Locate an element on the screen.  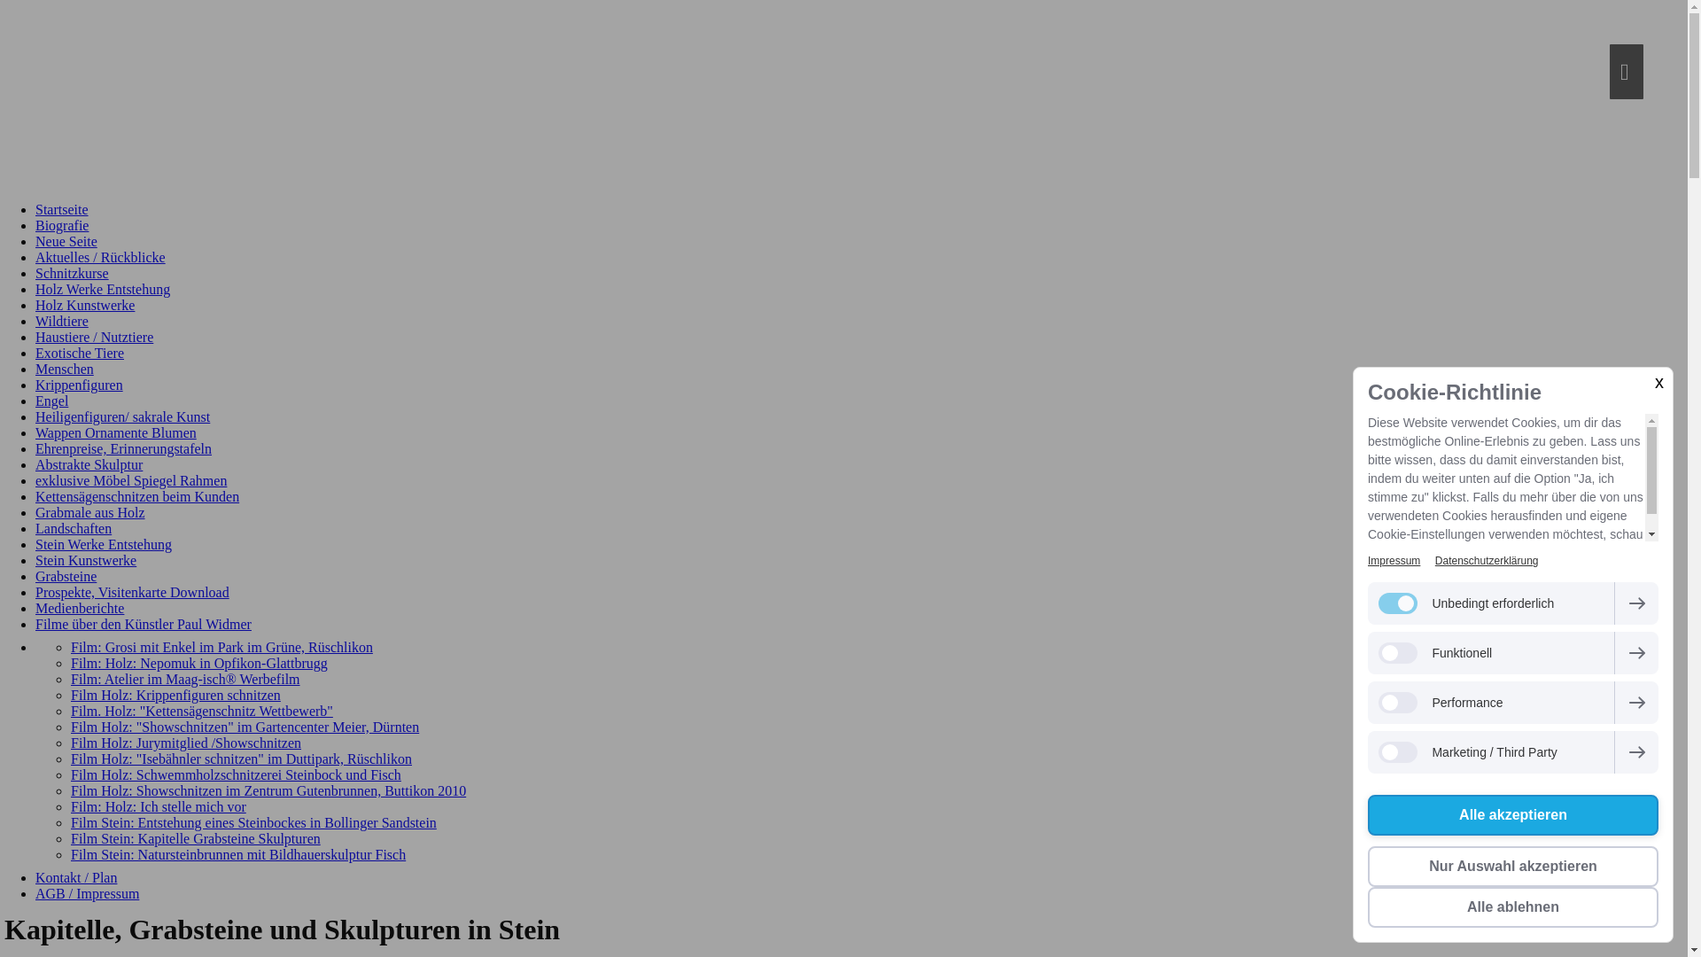
'Prospekte, Visitenkarte Download' is located at coordinates (131, 592).